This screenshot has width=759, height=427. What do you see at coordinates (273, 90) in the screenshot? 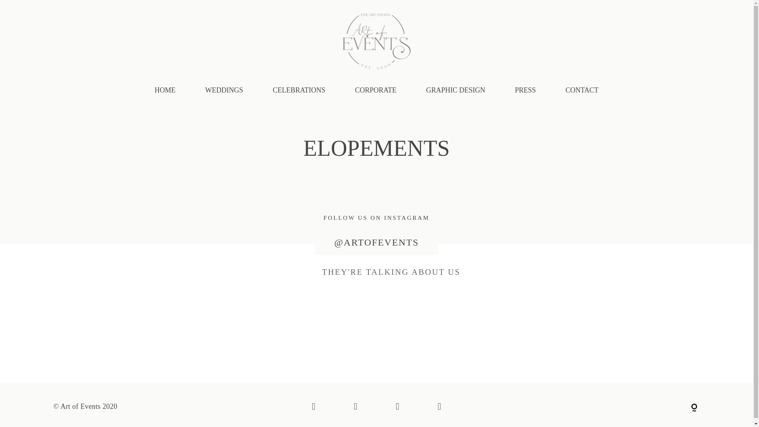
I see `'CELEBRATIONS'` at bounding box center [273, 90].